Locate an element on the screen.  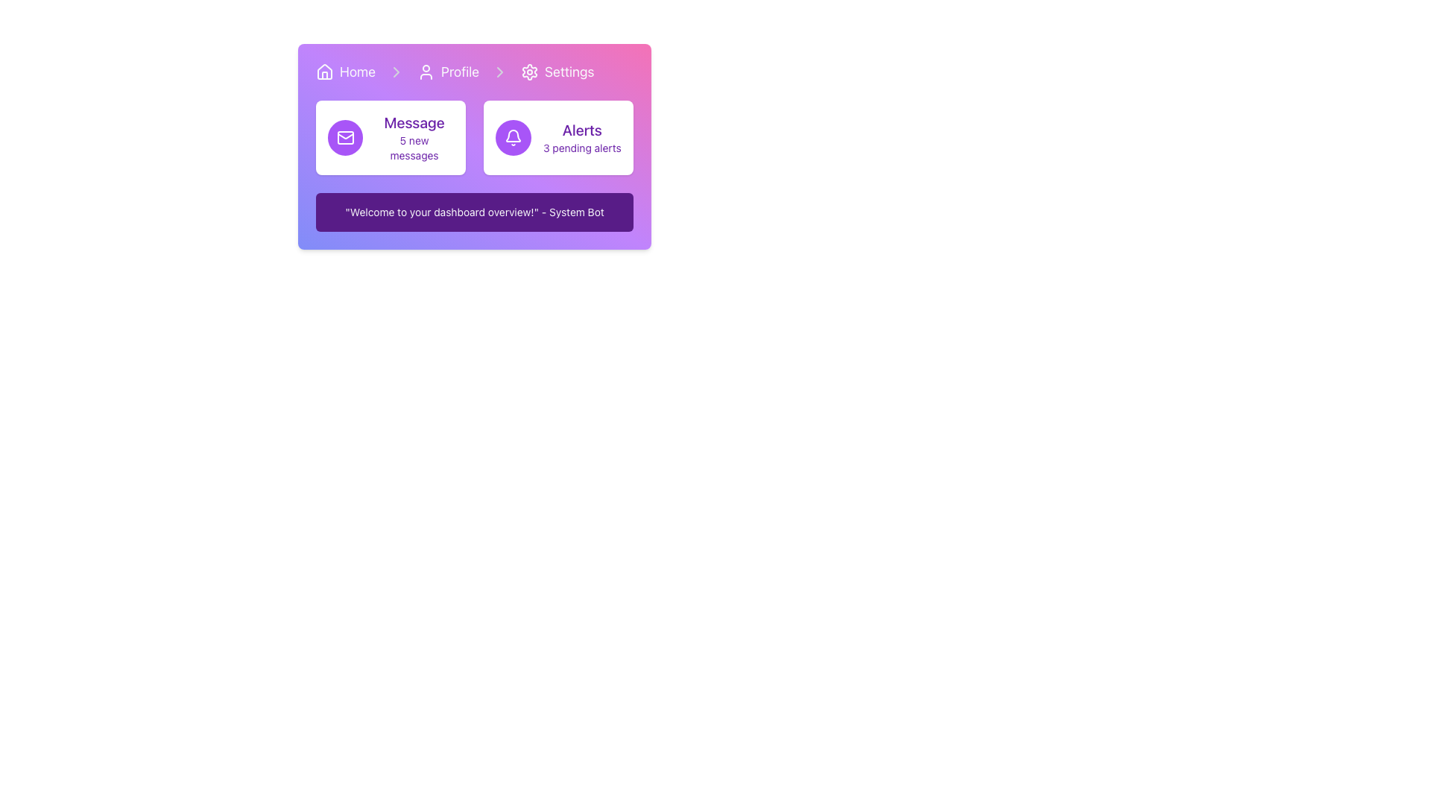
the 'Settings' text label, which is styled with a white font color against a pink-purple gradient background and is the fourth element in the navigation section is located at coordinates (569, 72).